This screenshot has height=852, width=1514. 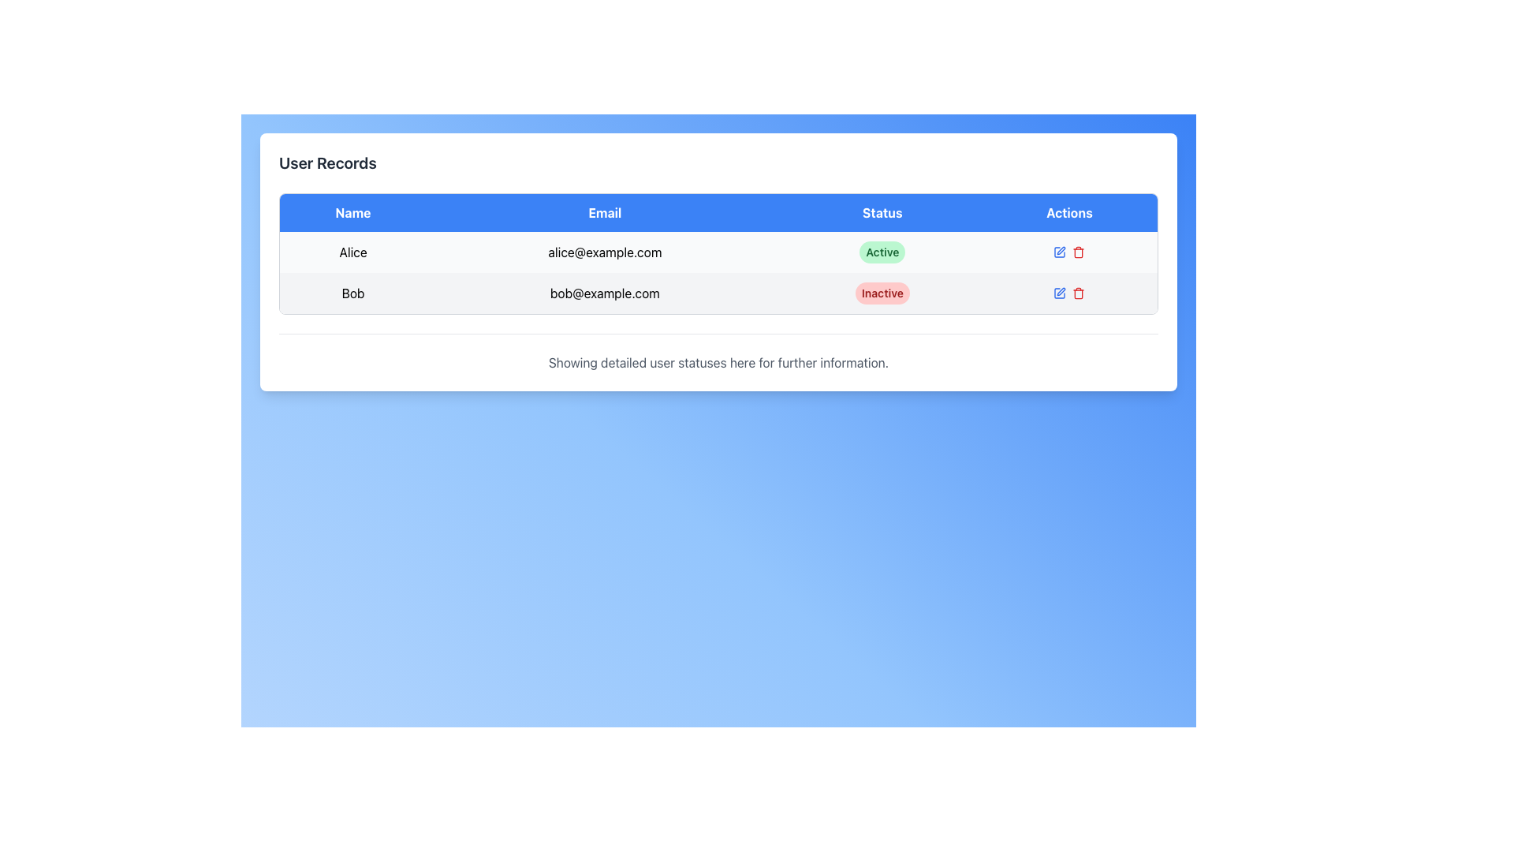 I want to click on the Status Badge, which has a light red background and displays the text 'Inactive' in bold red font, located in the 'Status' column of the table row for the entry containing 'Bob' and 'bob@example.com', so click(x=882, y=293).